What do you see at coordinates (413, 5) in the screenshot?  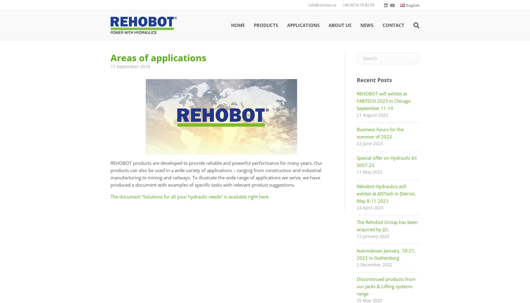 I see `'English'` at bounding box center [413, 5].